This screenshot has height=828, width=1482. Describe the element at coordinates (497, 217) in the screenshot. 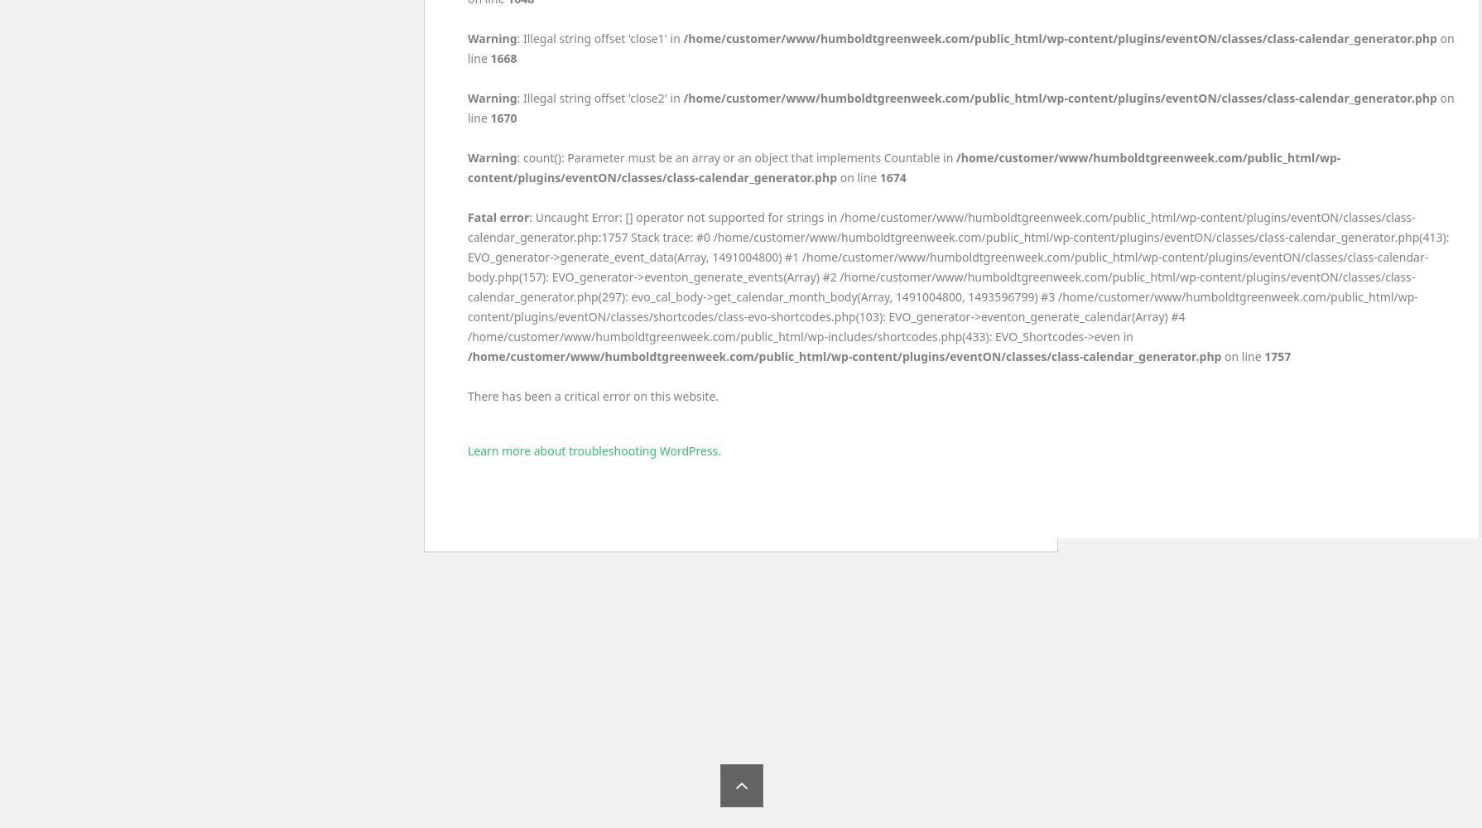

I see `'Fatal error'` at that location.